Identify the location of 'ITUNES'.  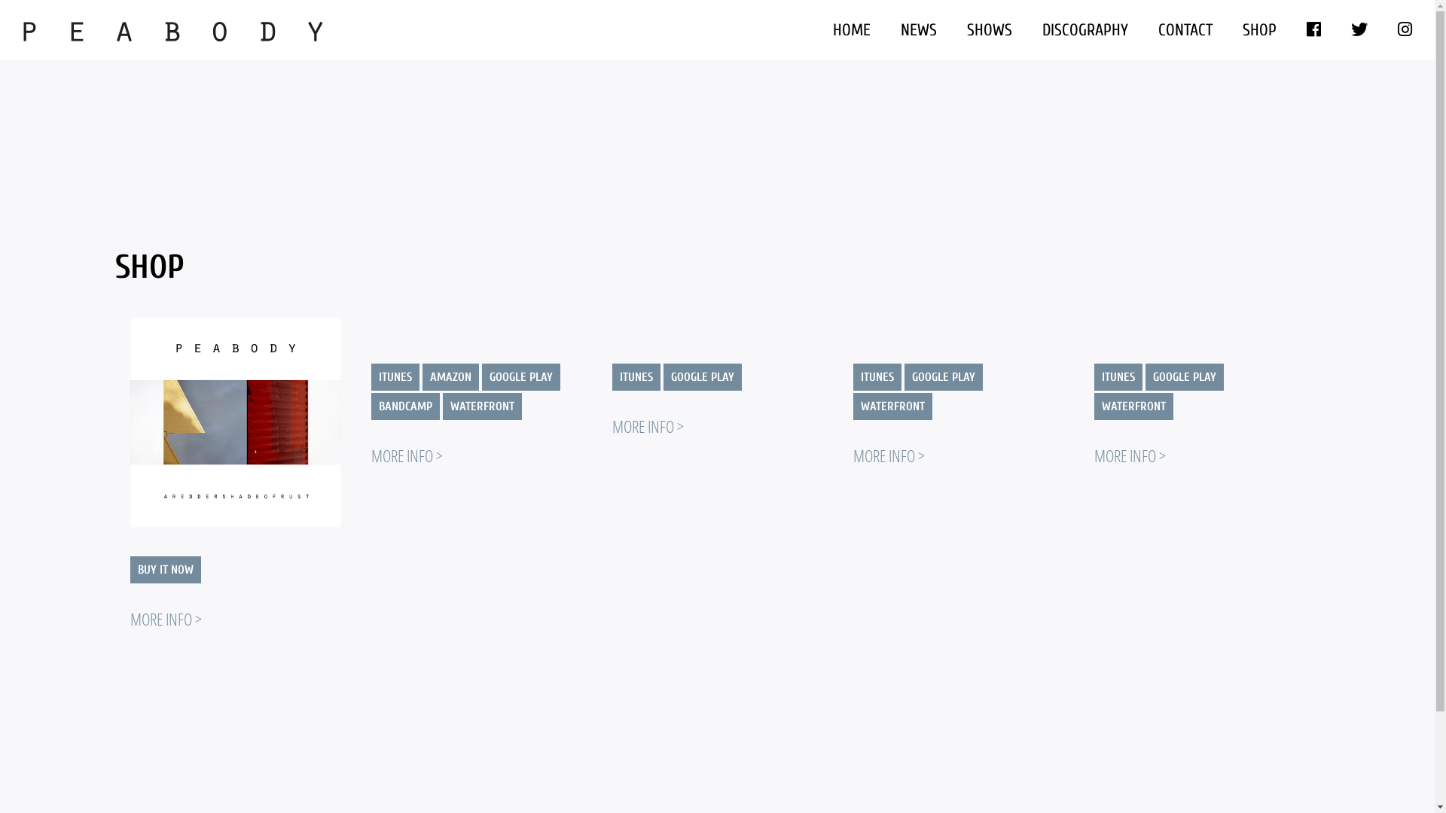
(636, 376).